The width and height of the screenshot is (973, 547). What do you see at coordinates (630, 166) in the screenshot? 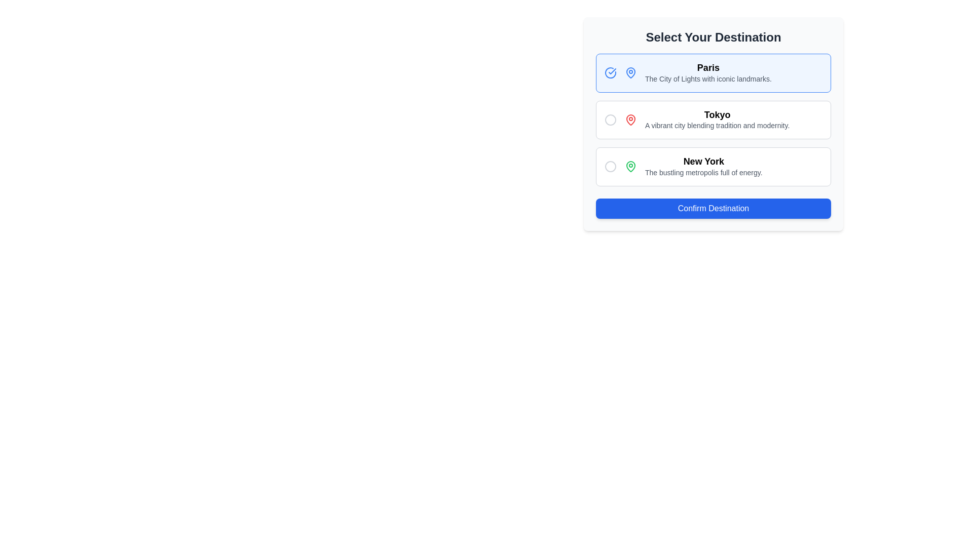
I see `the green pin icon, styled as a map marker, located to the left of the text 'The bustling metropolis full of energy.' associated with 'New York'` at bounding box center [630, 166].